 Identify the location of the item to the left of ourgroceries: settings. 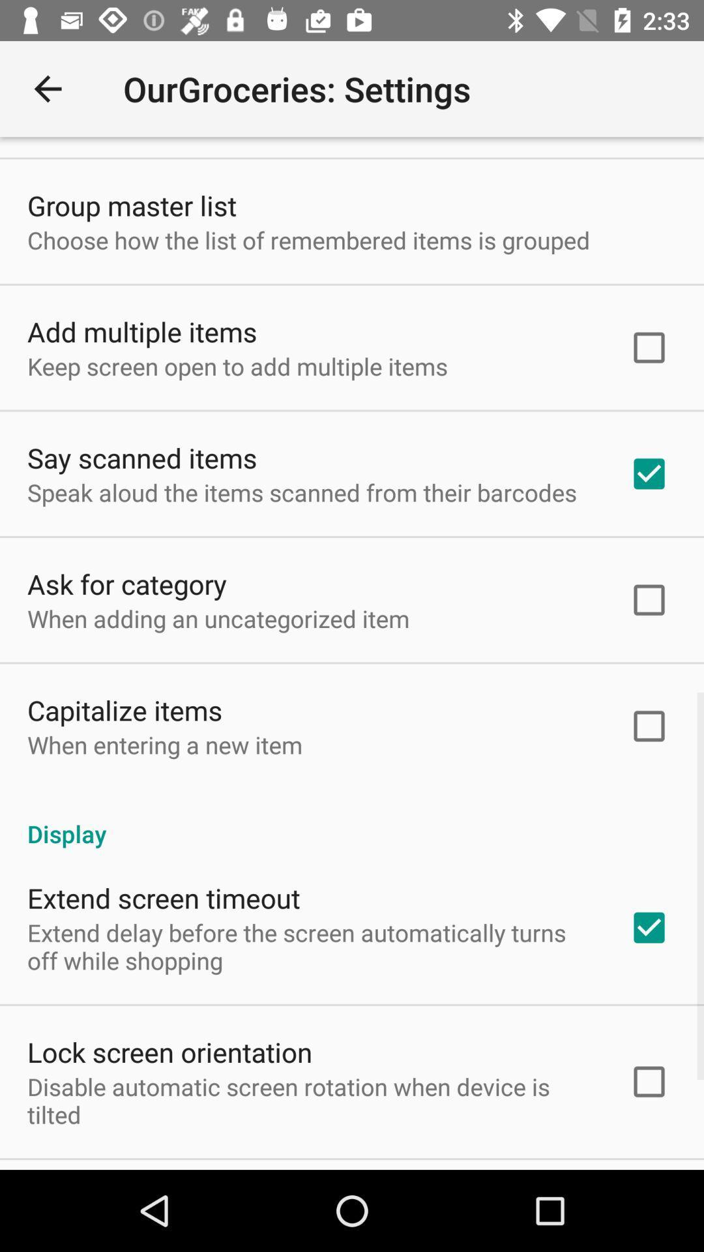
(47, 88).